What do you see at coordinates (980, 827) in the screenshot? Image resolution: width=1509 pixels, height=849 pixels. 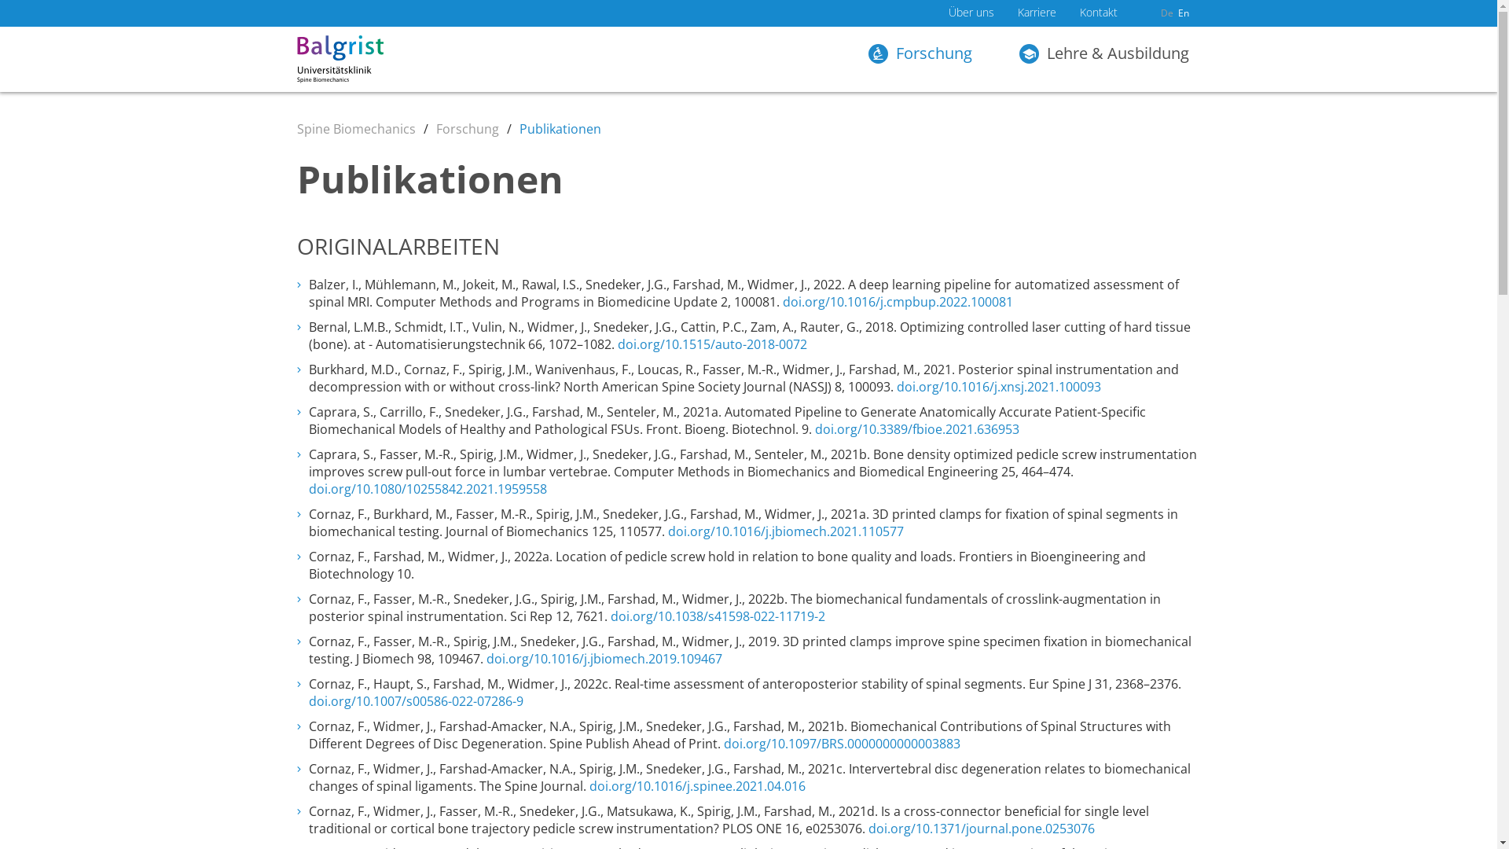 I see `'doi.org/10.1371/journal.pone.0253076'` at bounding box center [980, 827].